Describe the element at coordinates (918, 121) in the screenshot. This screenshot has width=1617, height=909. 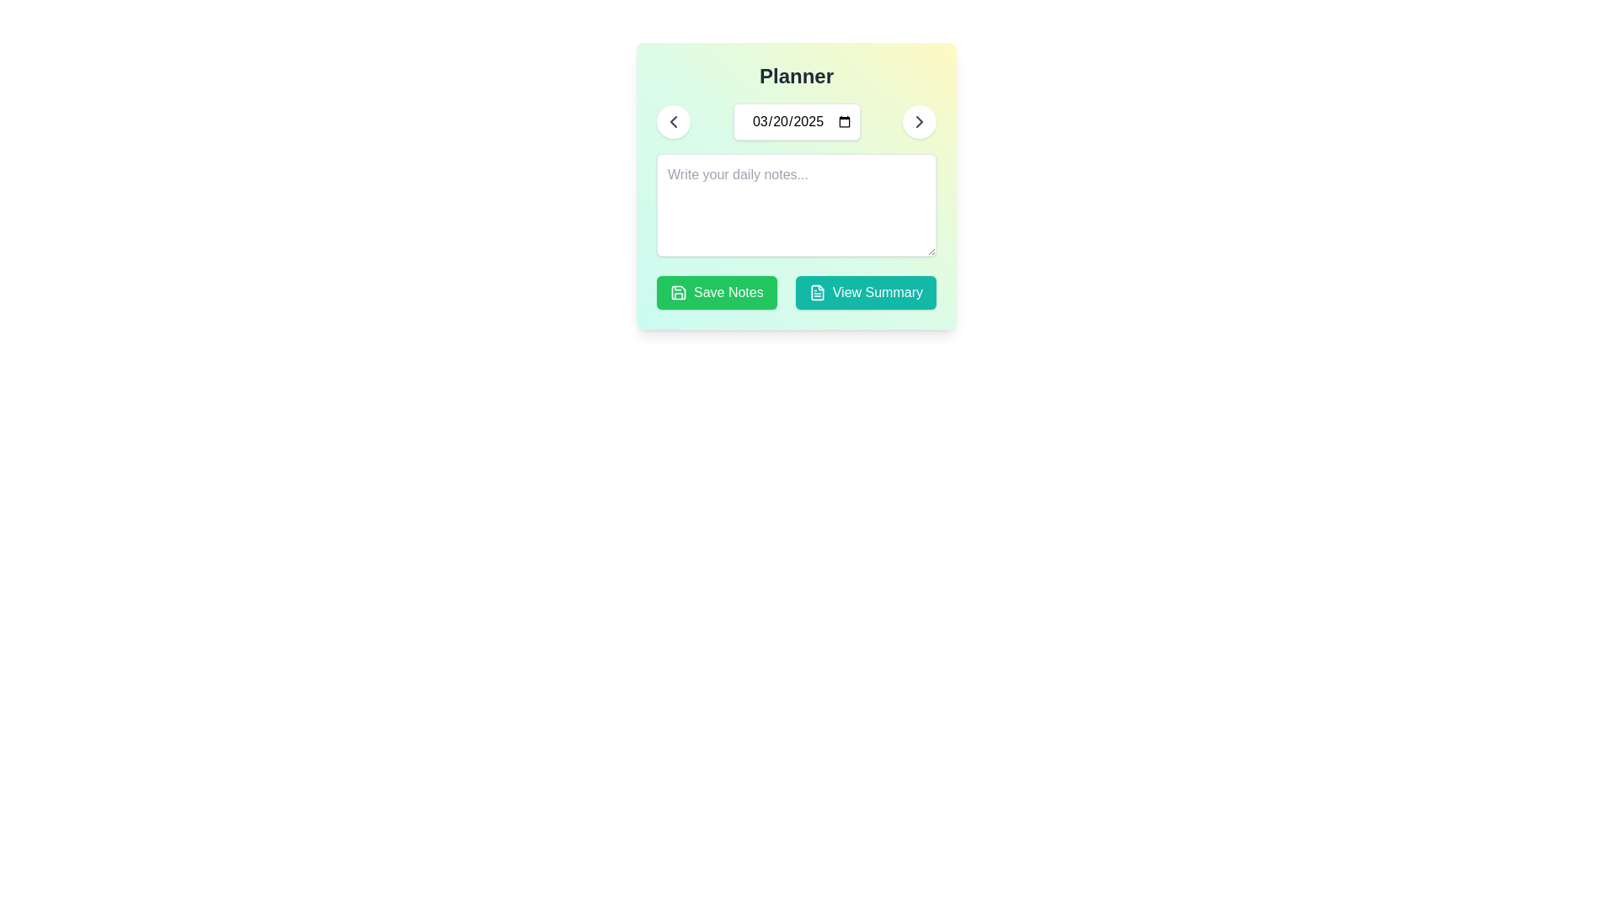
I see `the circular button at the top of the planner interface that contains the navigation icon to proceed forward in time` at that location.